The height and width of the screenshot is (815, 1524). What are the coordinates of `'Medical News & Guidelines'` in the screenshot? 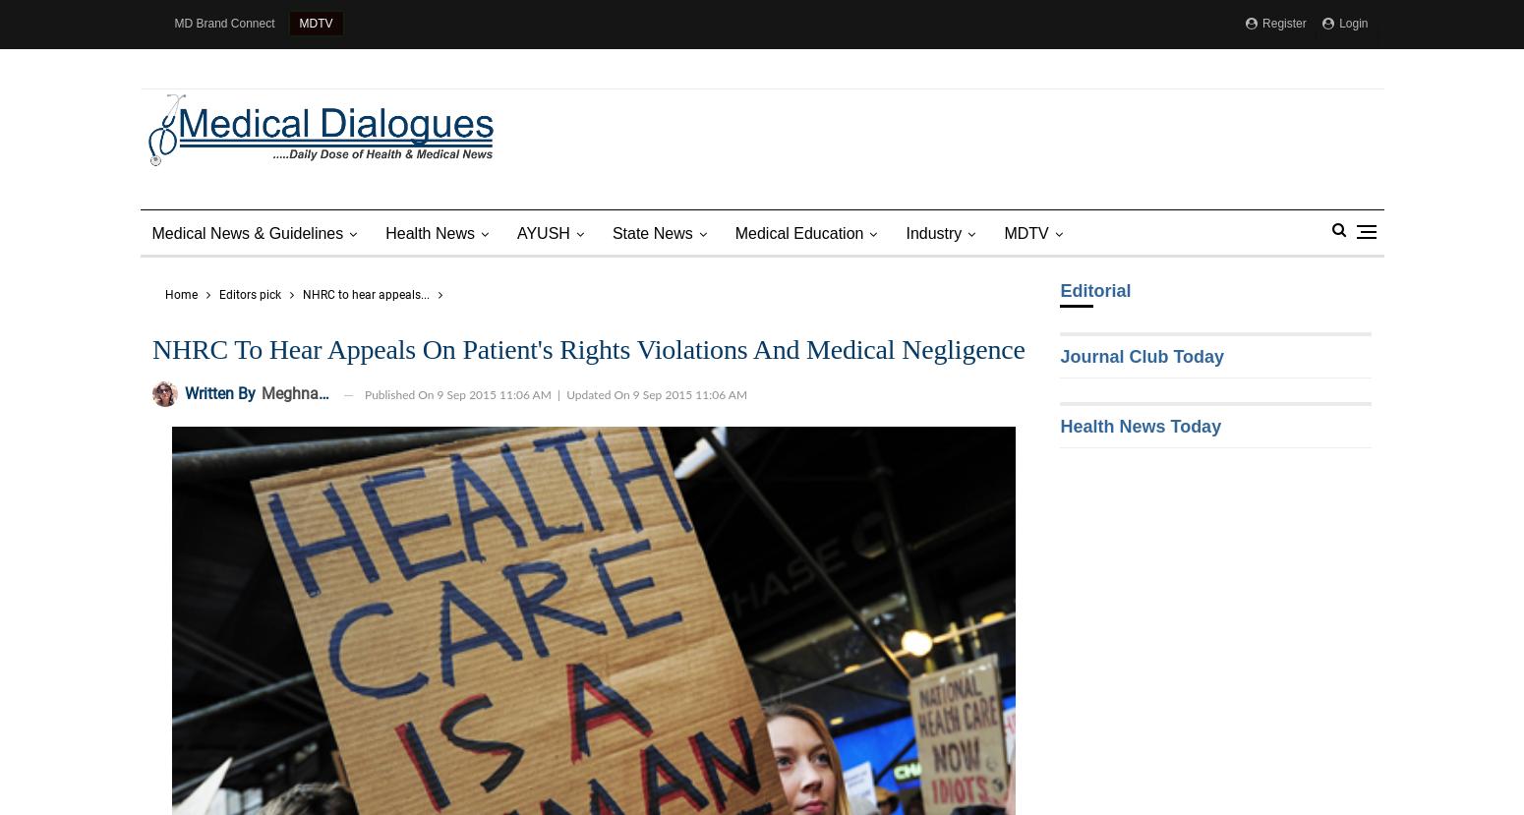 It's located at (247, 232).